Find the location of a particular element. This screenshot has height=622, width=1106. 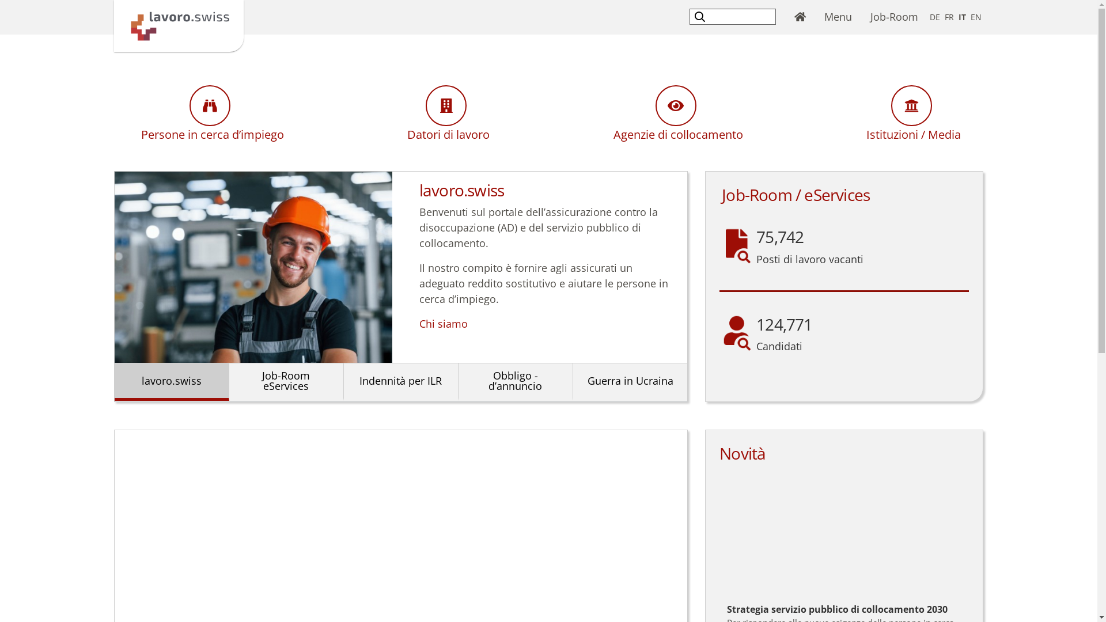

'DE' is located at coordinates (934, 17).